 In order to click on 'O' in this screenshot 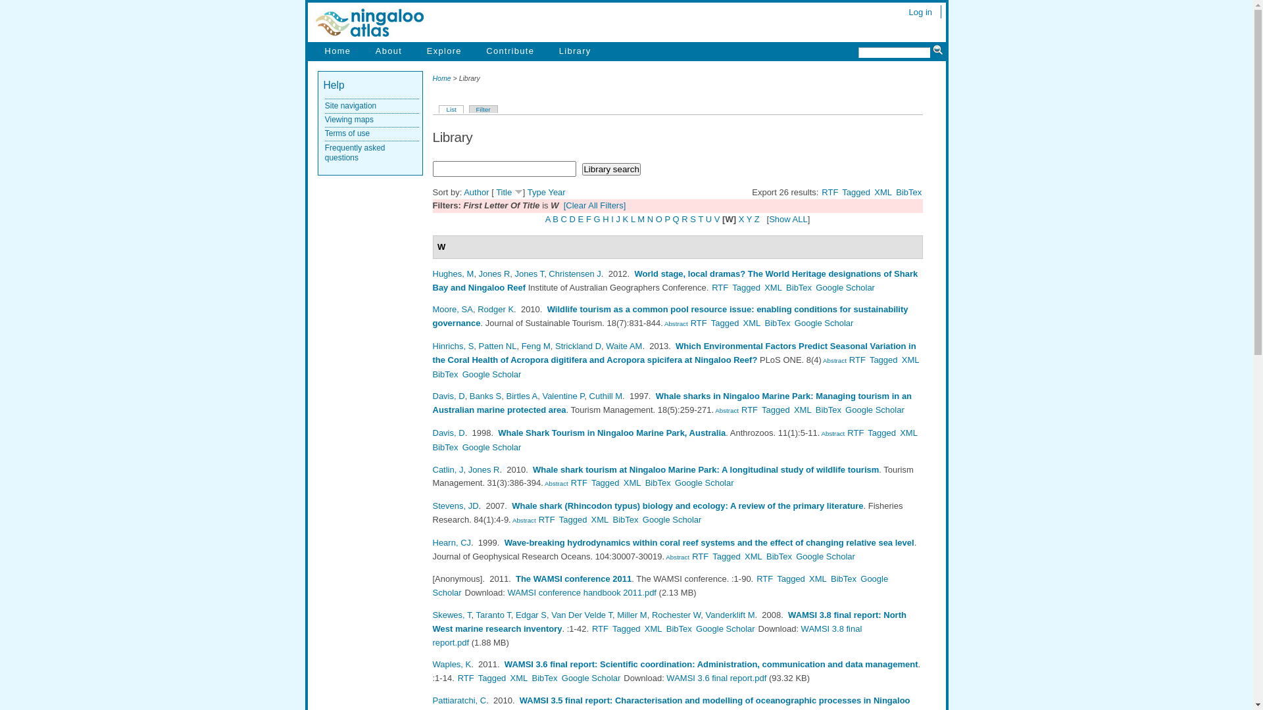, I will do `click(659, 218)`.